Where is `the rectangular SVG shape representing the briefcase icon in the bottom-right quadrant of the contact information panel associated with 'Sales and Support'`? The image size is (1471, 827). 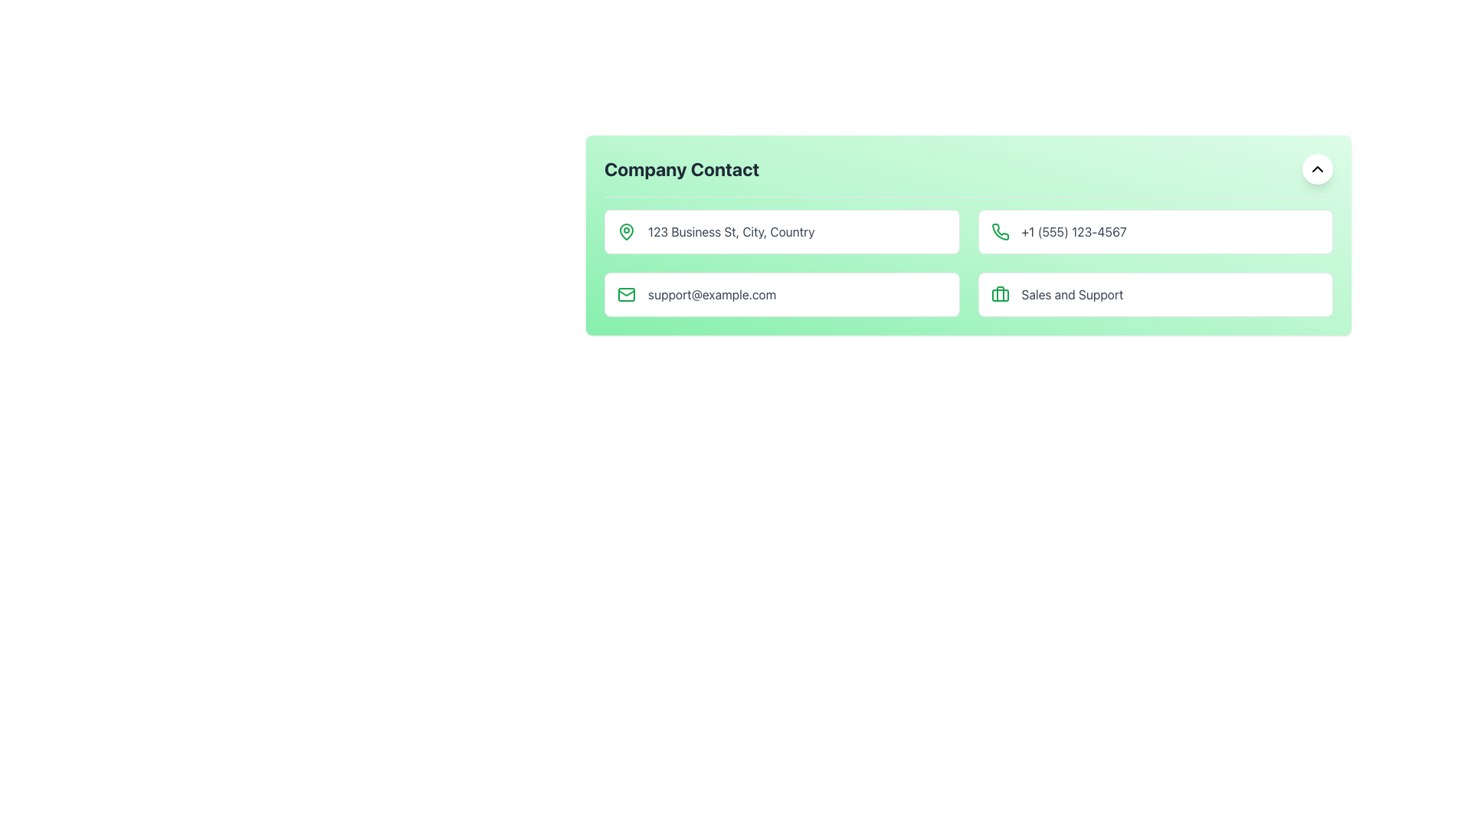 the rectangular SVG shape representing the briefcase icon in the bottom-right quadrant of the contact information panel associated with 'Sales and Support' is located at coordinates (1000, 295).